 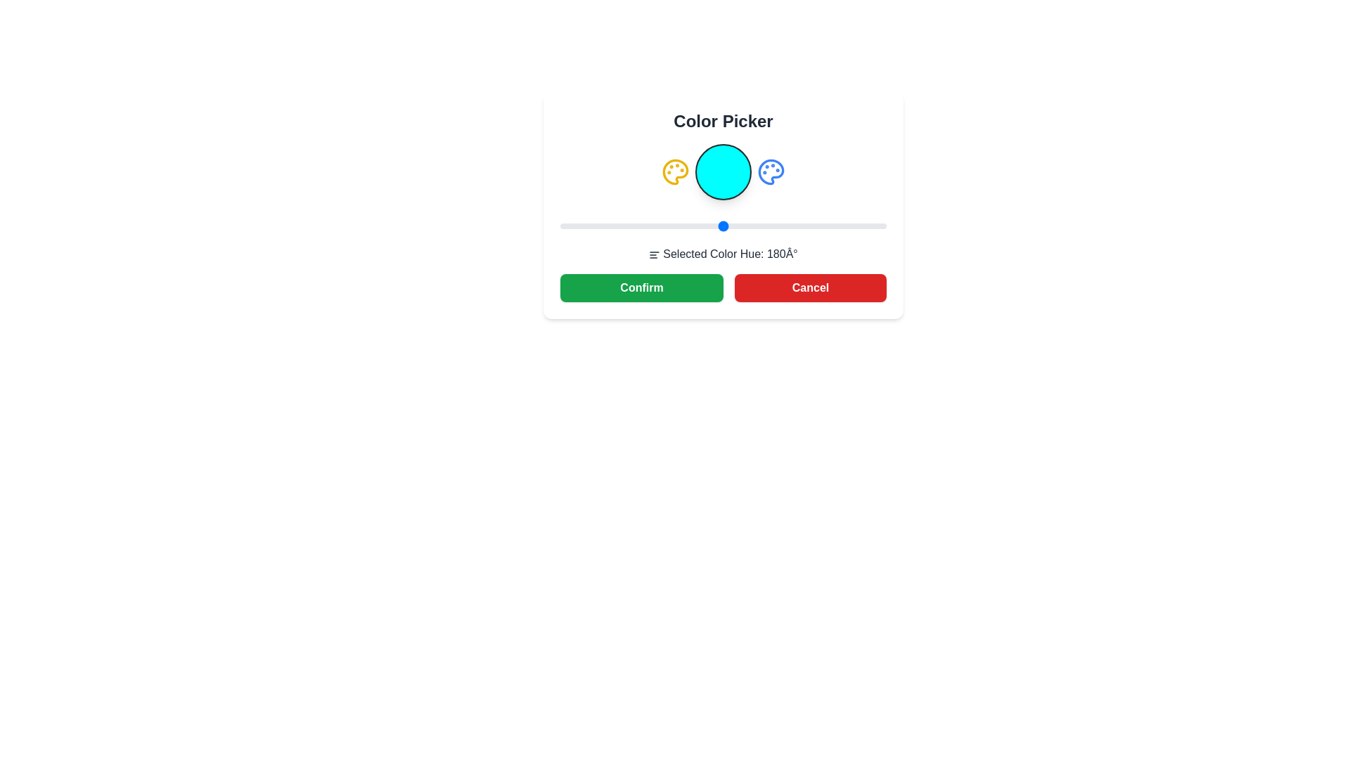 I want to click on the Cancel button to cancel the color selection, so click(x=810, y=287).